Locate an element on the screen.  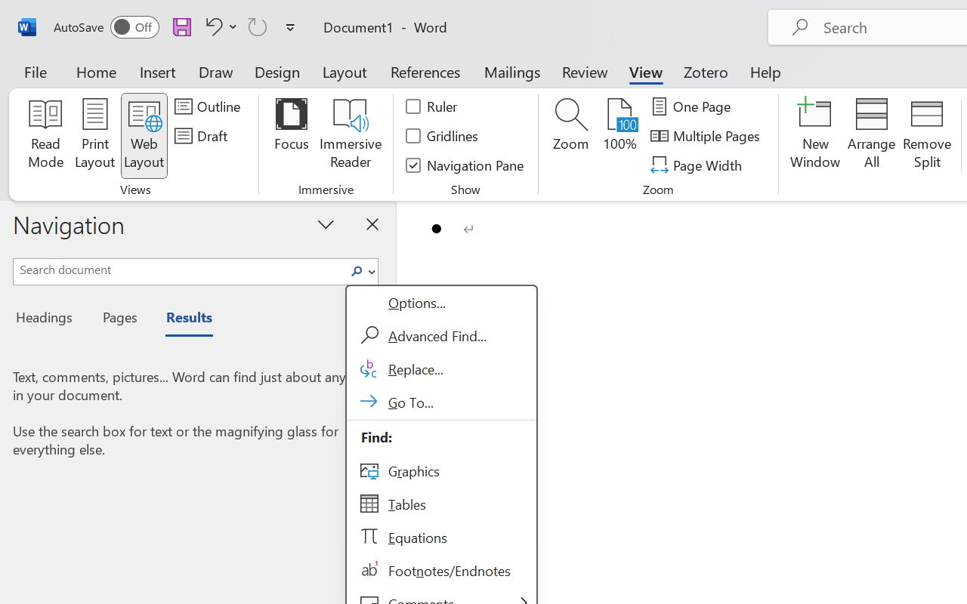
'One Page' is located at coordinates (692, 106).